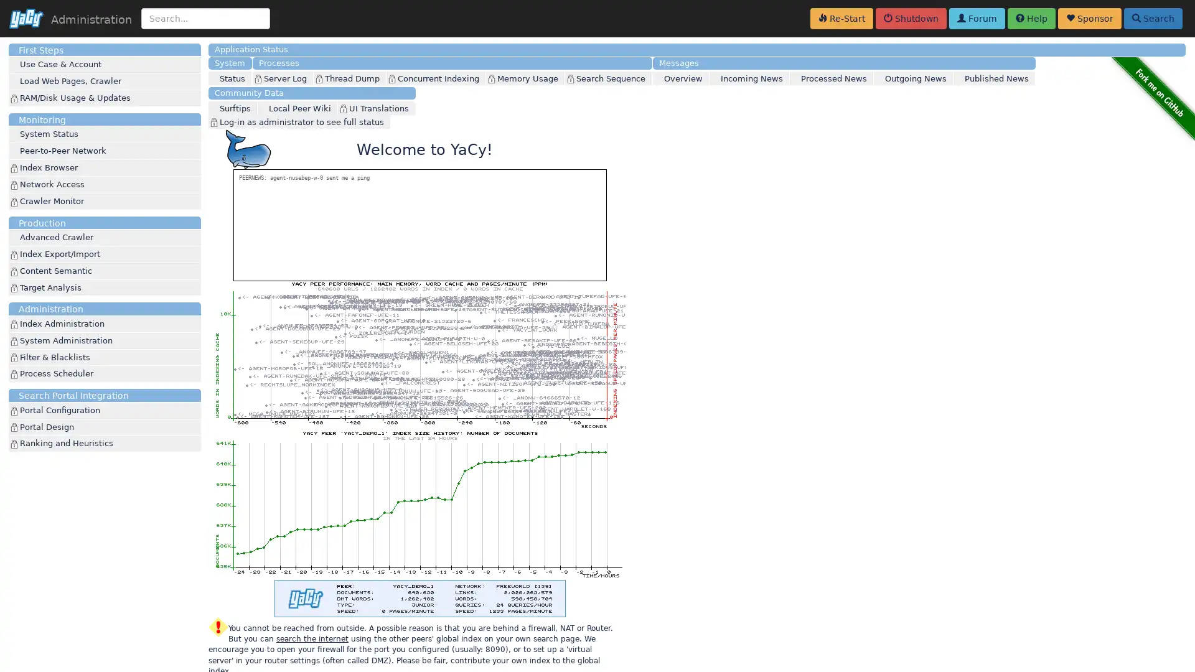 This screenshot has height=672, width=1195. What do you see at coordinates (841, 19) in the screenshot?
I see `Re-Start` at bounding box center [841, 19].